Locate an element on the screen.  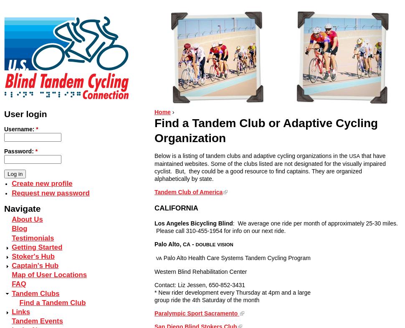
'Testimonials' is located at coordinates (32, 237).